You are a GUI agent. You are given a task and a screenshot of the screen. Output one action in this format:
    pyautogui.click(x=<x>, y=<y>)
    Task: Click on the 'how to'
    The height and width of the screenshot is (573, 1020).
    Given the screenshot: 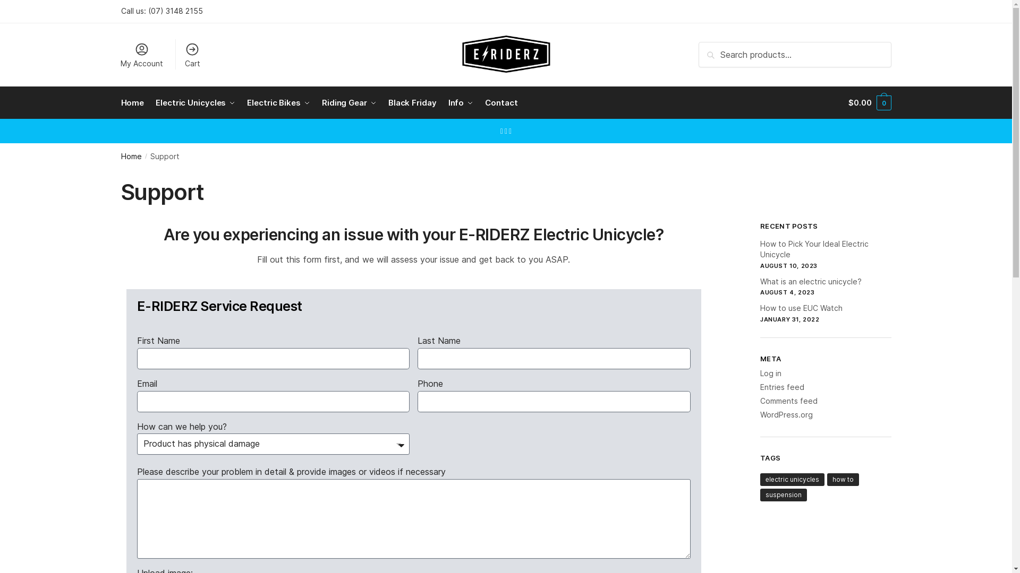 What is the action you would take?
    pyautogui.click(x=843, y=479)
    